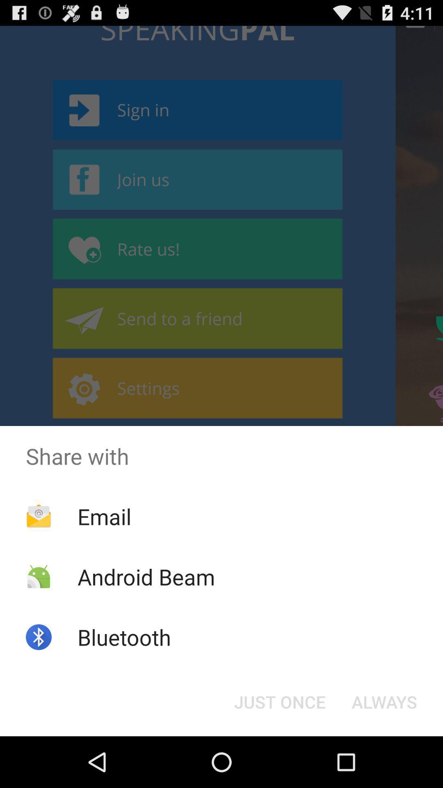 Image resolution: width=443 pixels, height=788 pixels. Describe the element at coordinates (124, 637) in the screenshot. I see `app below android beam` at that location.